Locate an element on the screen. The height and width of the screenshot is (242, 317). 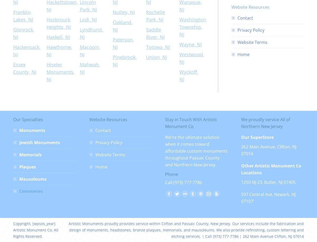
'Oakland, NJ' is located at coordinates (113, 25).